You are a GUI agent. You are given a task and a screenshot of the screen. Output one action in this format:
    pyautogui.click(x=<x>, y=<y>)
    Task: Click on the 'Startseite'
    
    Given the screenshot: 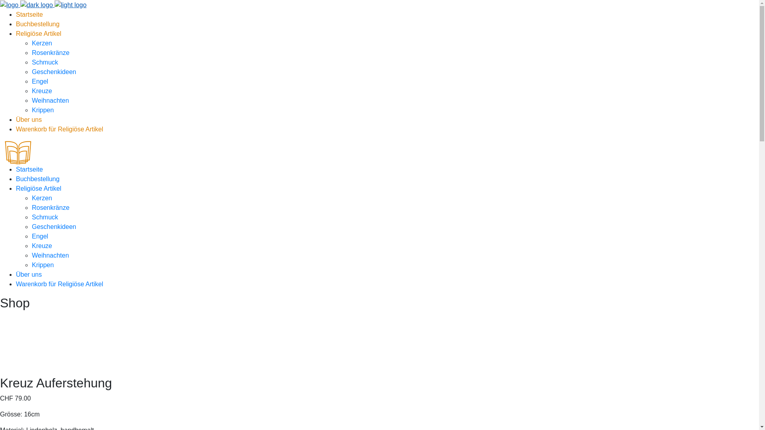 What is the action you would take?
    pyautogui.click(x=29, y=14)
    